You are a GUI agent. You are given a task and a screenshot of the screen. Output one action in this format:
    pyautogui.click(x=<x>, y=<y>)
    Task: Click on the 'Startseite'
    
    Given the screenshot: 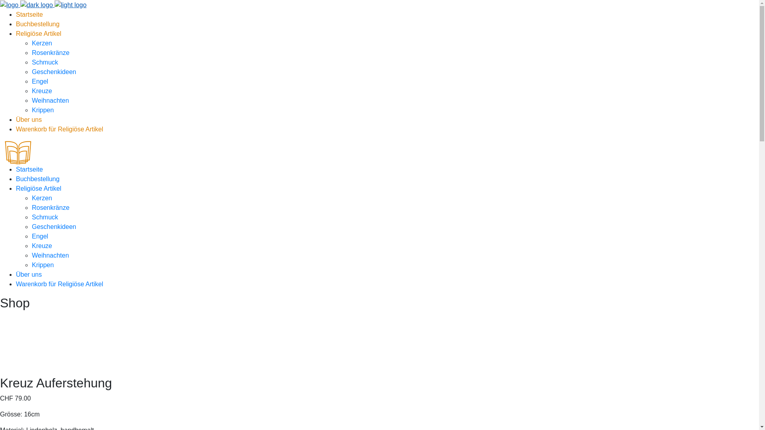 What is the action you would take?
    pyautogui.click(x=29, y=14)
    